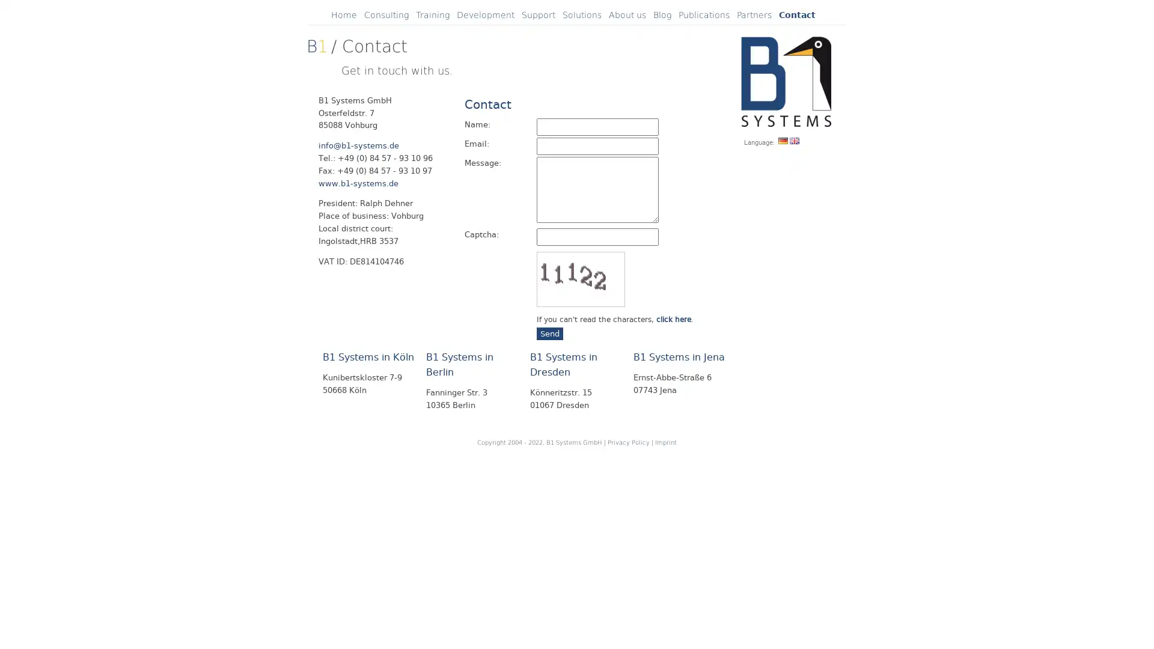  What do you see at coordinates (549, 334) in the screenshot?
I see `Send` at bounding box center [549, 334].